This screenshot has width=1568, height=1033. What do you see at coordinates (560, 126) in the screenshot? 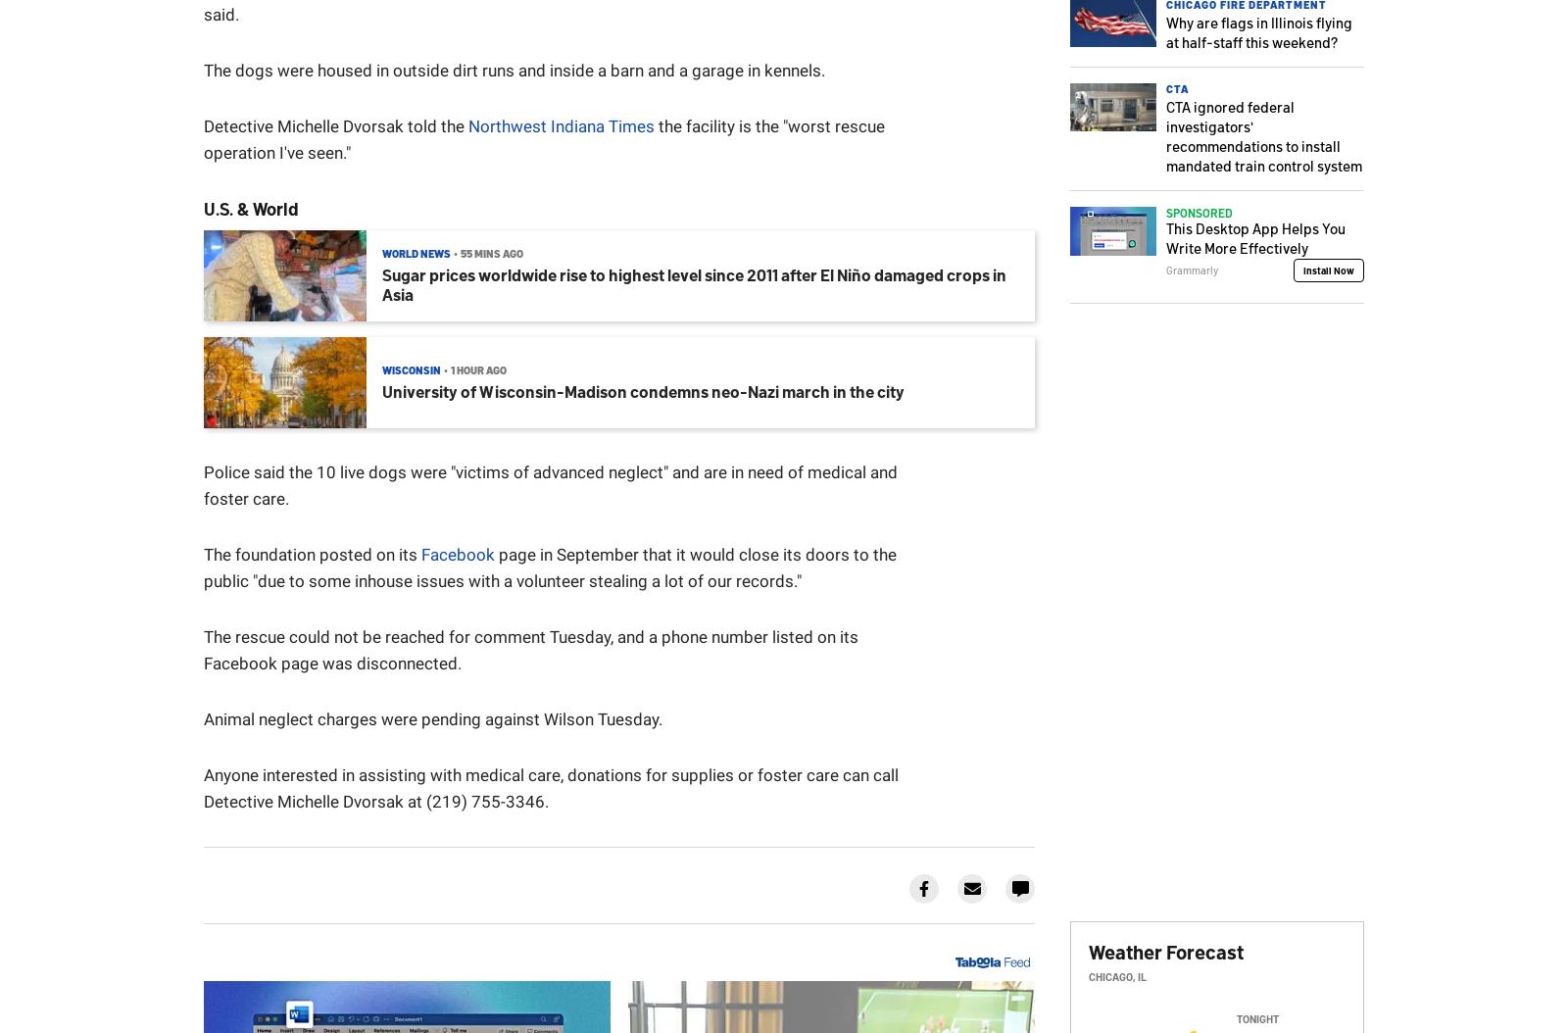
I see `'Northwest Indiana Times'` at bounding box center [560, 126].